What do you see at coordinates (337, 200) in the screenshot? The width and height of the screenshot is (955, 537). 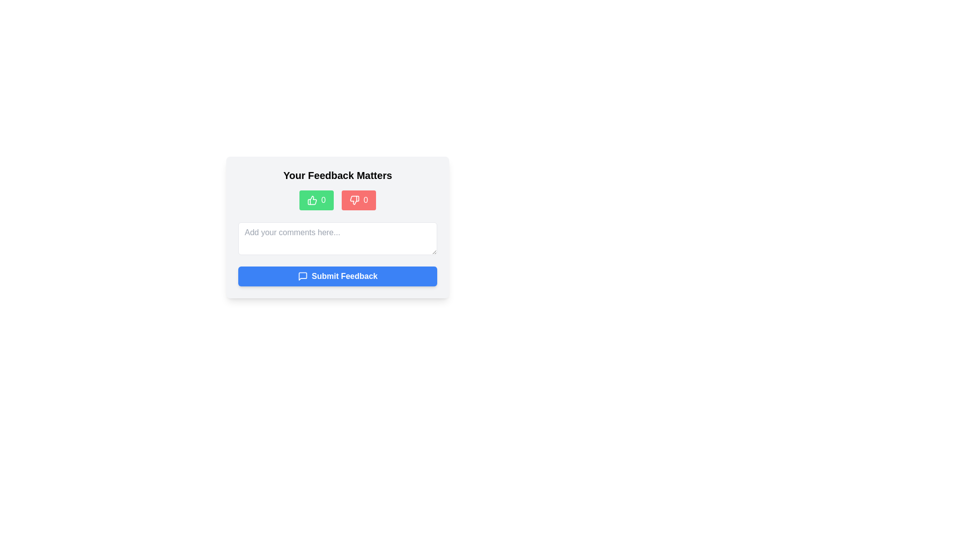 I see `the thumbs-up button in the Interactive button pair located in the feedback section labeled 'Your Feedback Matters'` at bounding box center [337, 200].